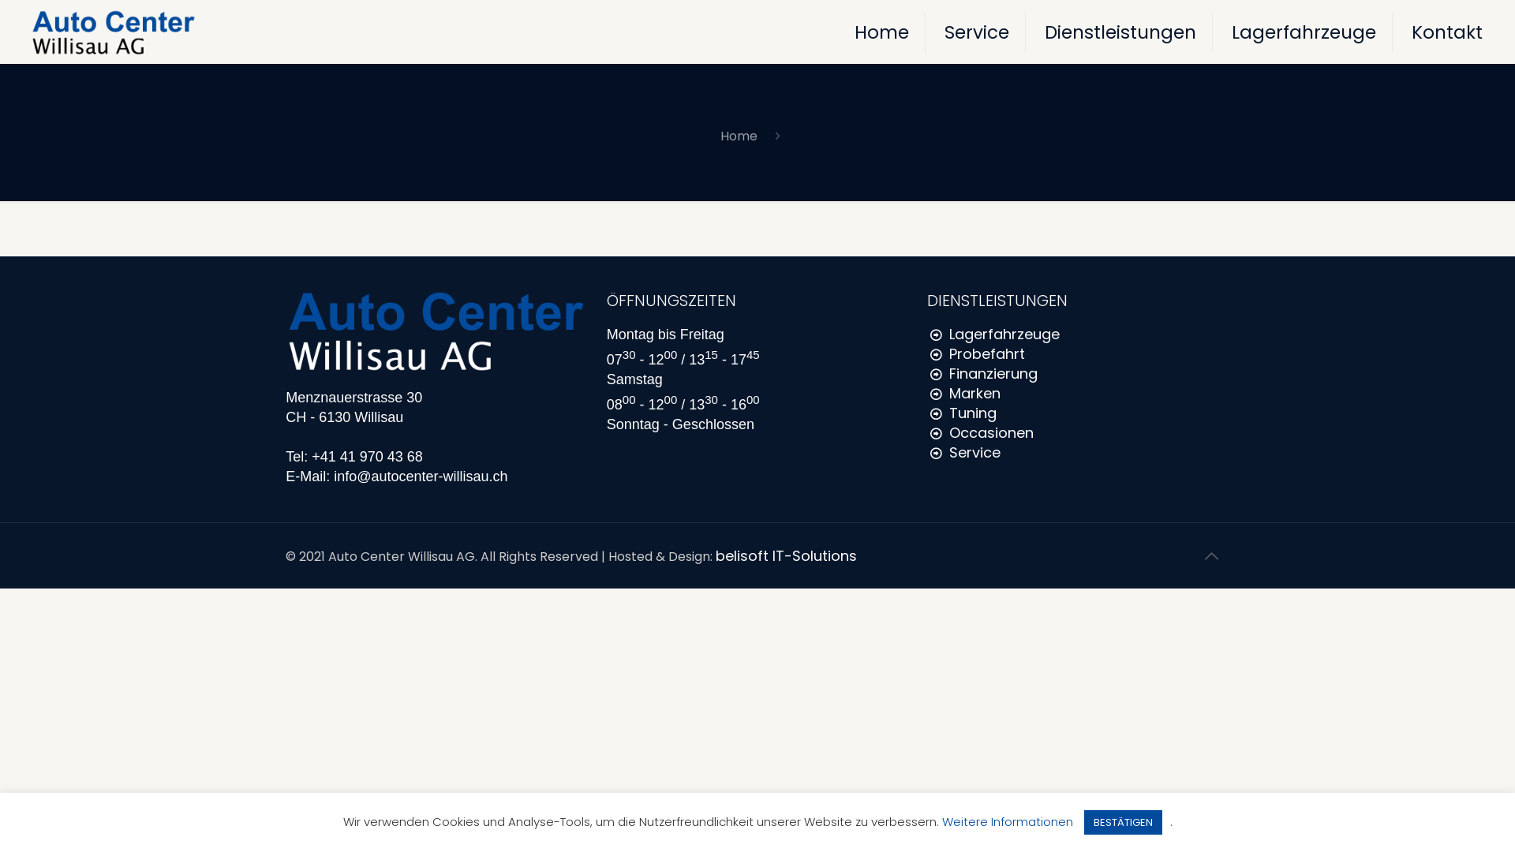 This screenshot has height=852, width=1515. What do you see at coordinates (984, 353) in the screenshot?
I see `'Probefahrt'` at bounding box center [984, 353].